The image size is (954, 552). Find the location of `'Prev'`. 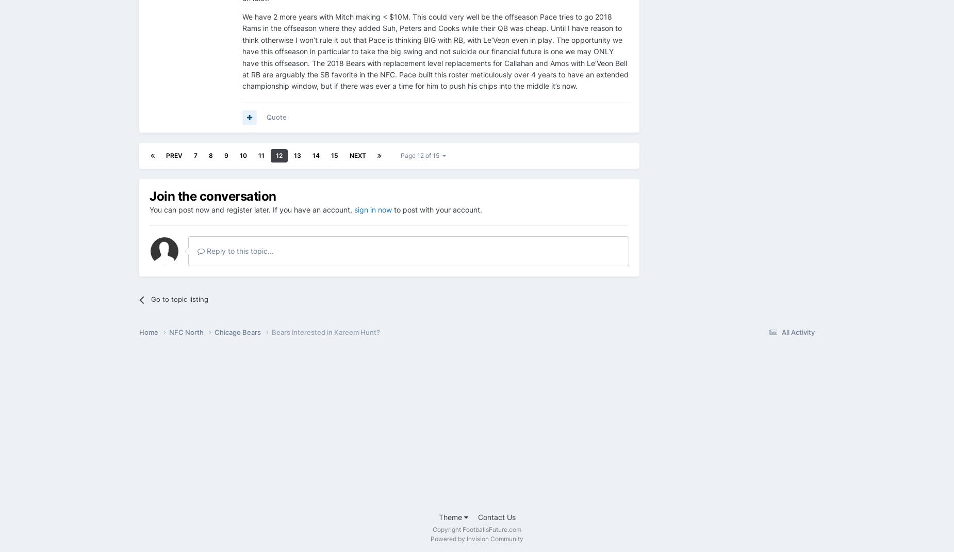

'Prev' is located at coordinates (173, 155).